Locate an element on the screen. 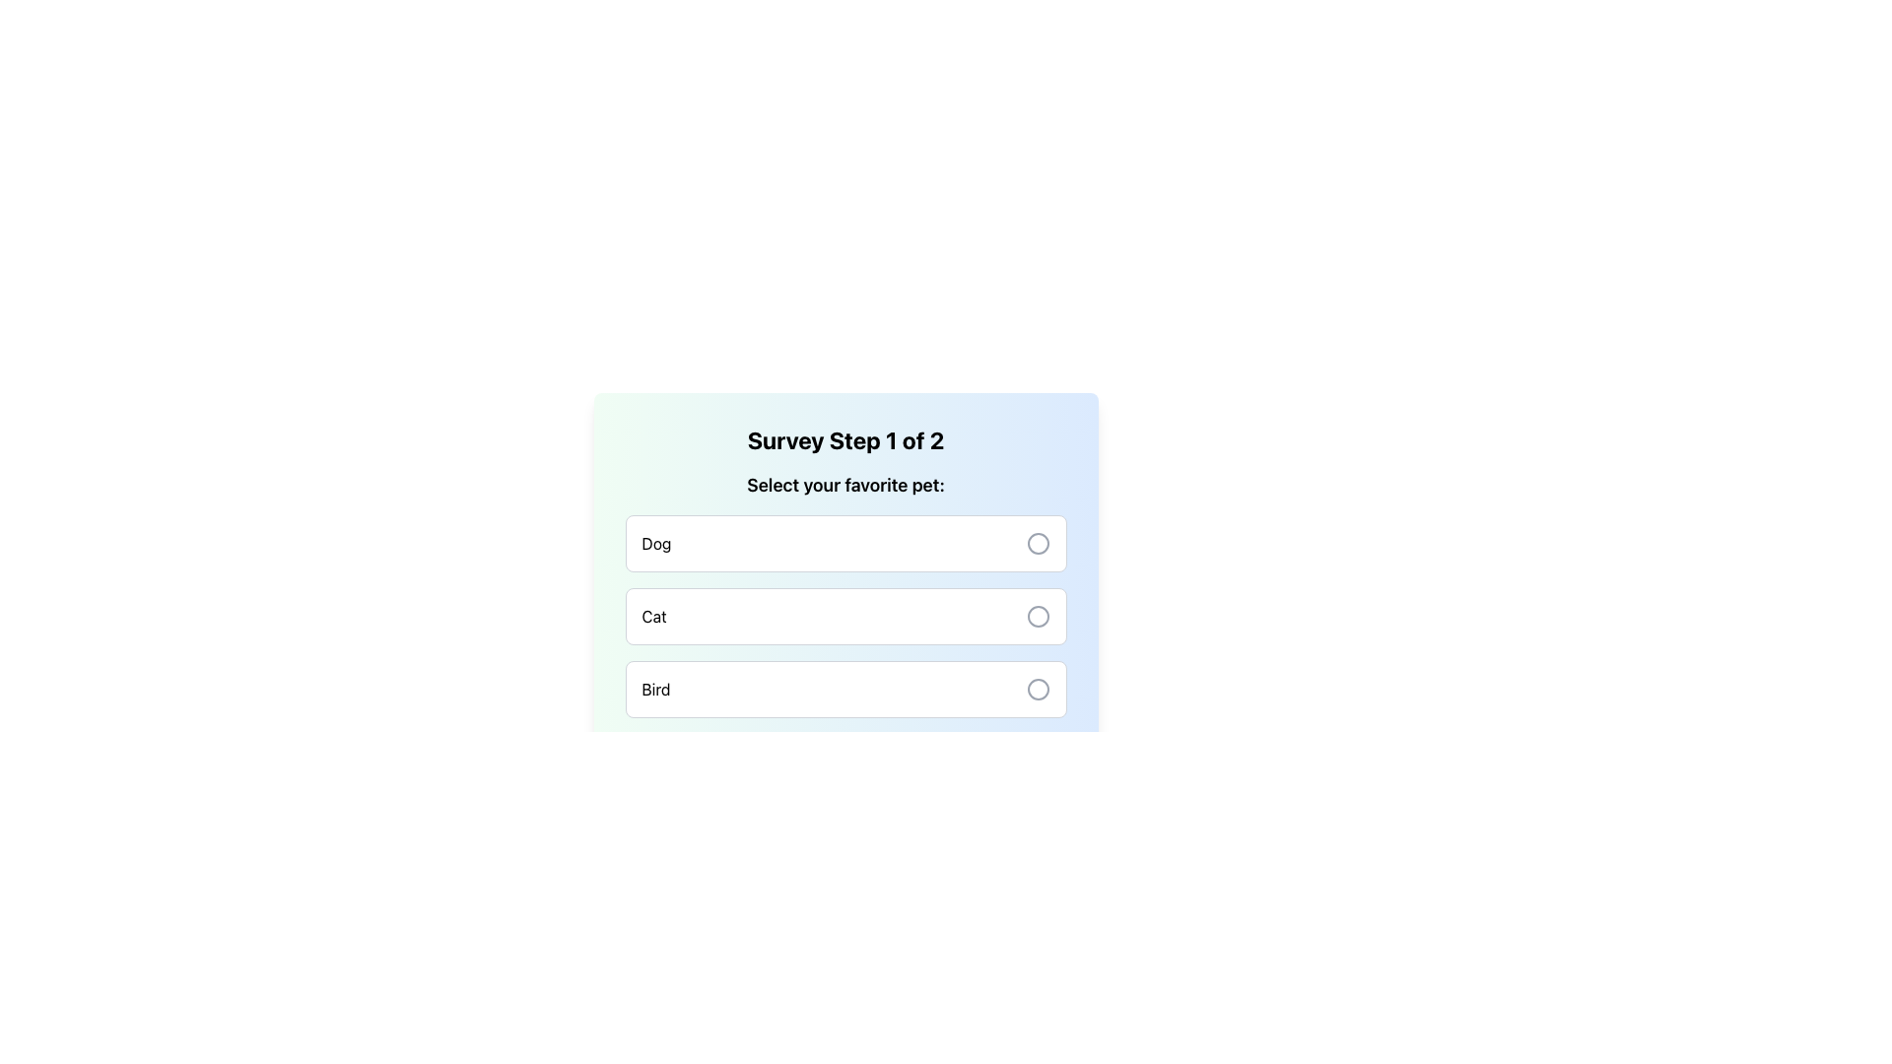 The height and width of the screenshot is (1064, 1892). the radio button selector for the 'Dog' option, which is the first in a column of similar elements is located at coordinates (1037, 543).